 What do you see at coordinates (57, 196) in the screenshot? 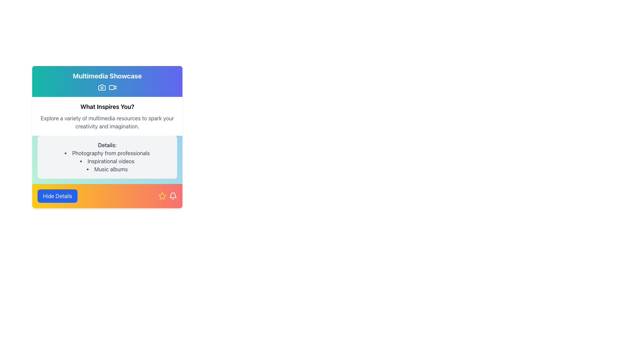
I see `the button located at the bottom left corner of the section with a gradient background transitioning from yellow to red to hide details from the user interface` at bounding box center [57, 196].